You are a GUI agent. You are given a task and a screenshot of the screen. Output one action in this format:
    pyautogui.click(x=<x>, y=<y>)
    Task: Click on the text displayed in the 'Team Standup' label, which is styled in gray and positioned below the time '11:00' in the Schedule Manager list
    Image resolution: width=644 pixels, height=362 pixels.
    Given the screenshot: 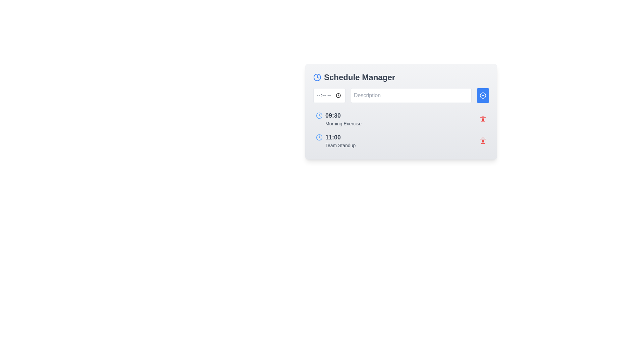 What is the action you would take?
    pyautogui.click(x=336, y=145)
    